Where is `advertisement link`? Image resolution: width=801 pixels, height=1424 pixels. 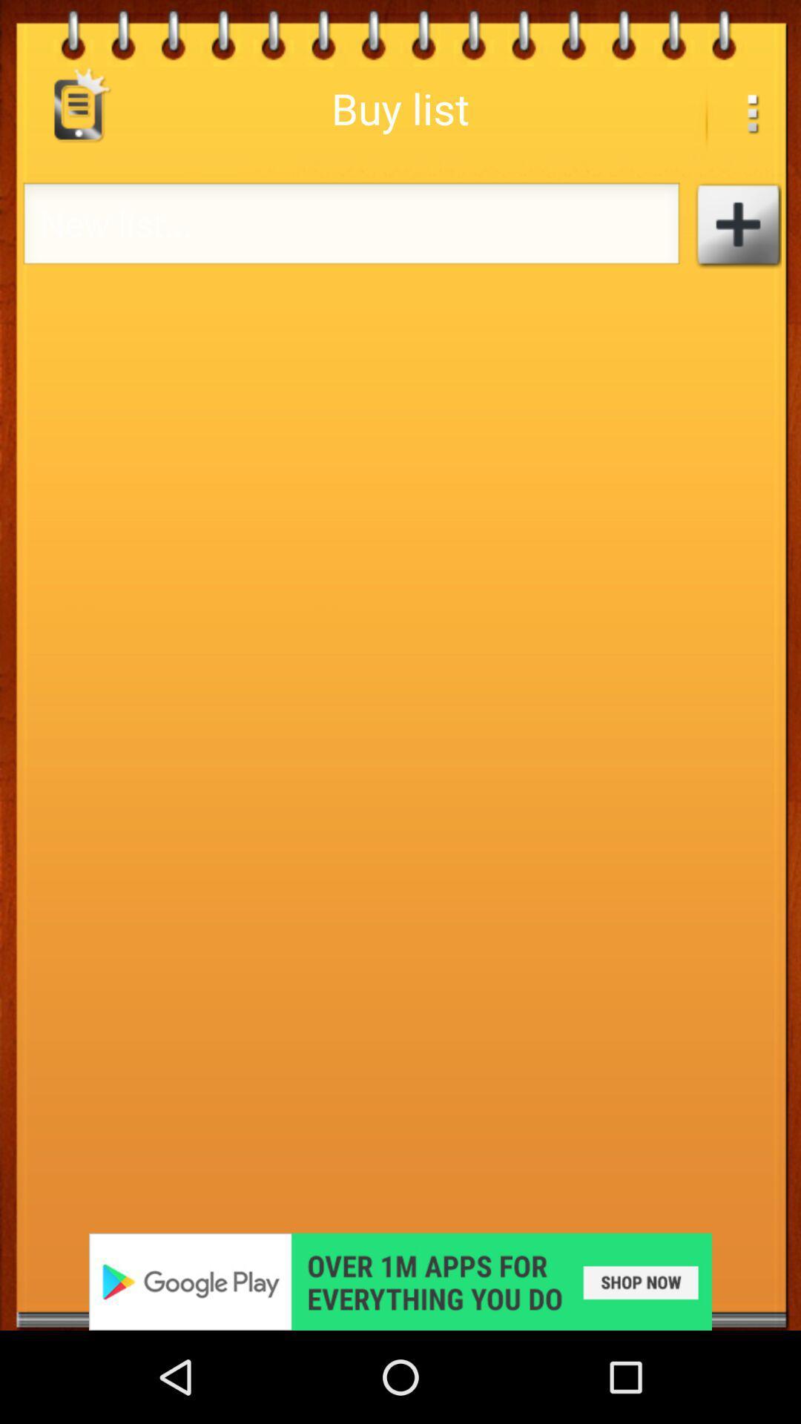 advertisement link is located at coordinates (400, 1281).